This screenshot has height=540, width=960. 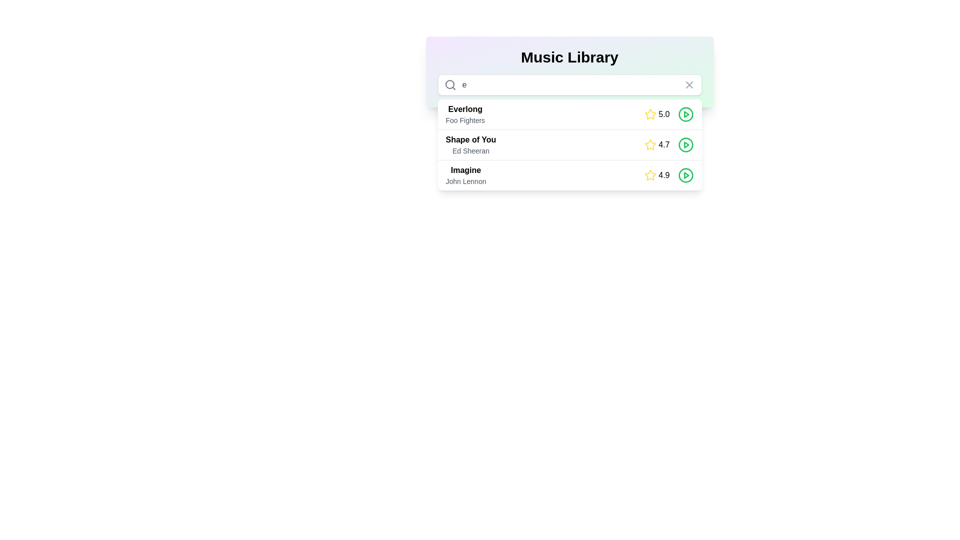 What do you see at coordinates (569, 175) in the screenshot?
I see `the third list item displaying media details and controls for a specific song in the music library, which includes information such as title, artist, and rating` at bounding box center [569, 175].